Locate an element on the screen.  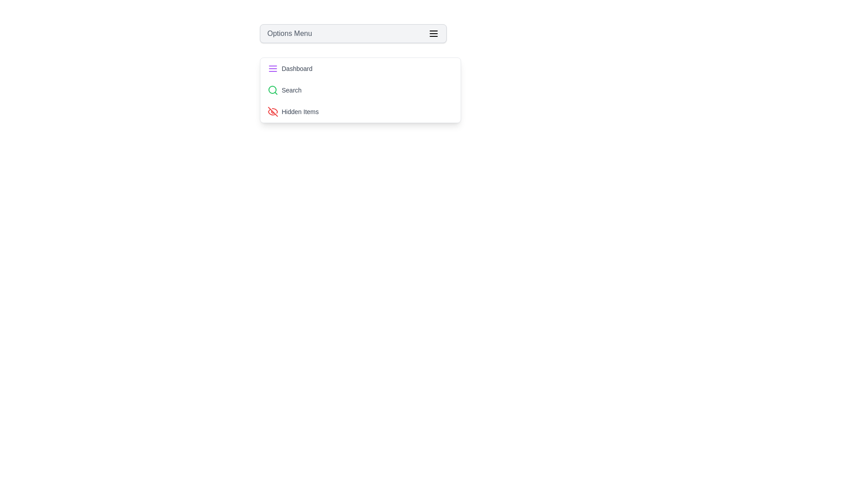
the 'Hidden Items' text label, which is the third item in the dropdown menu beneath the 'Options Menu' title, serving as a descriptor for hidden features is located at coordinates (300, 111).